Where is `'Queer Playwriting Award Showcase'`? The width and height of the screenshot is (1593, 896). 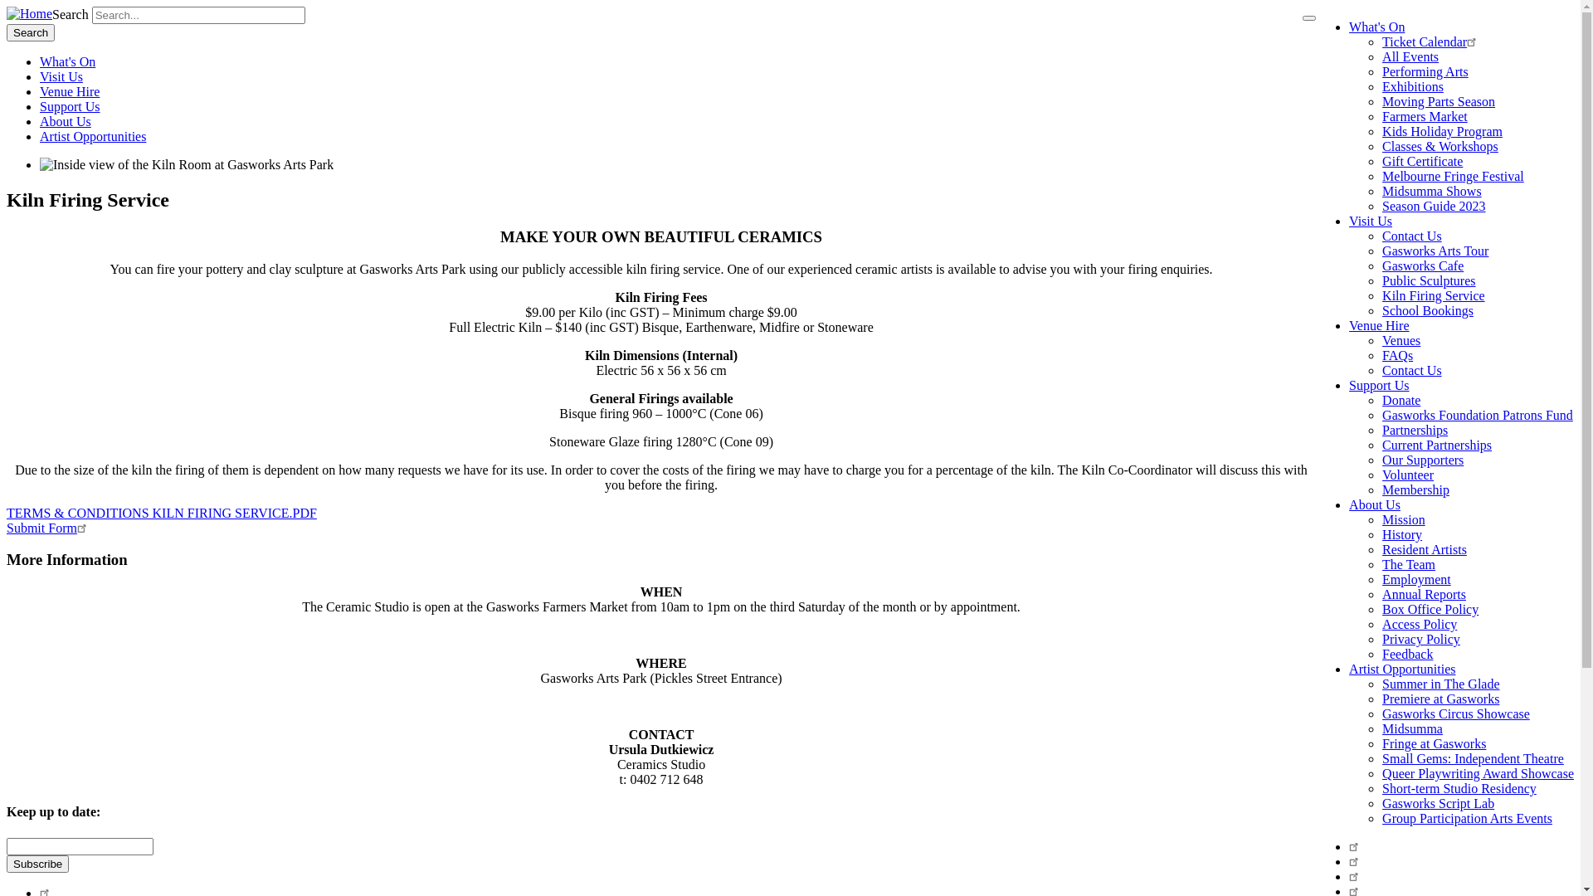
'Queer Playwriting Award Showcase' is located at coordinates (1478, 773).